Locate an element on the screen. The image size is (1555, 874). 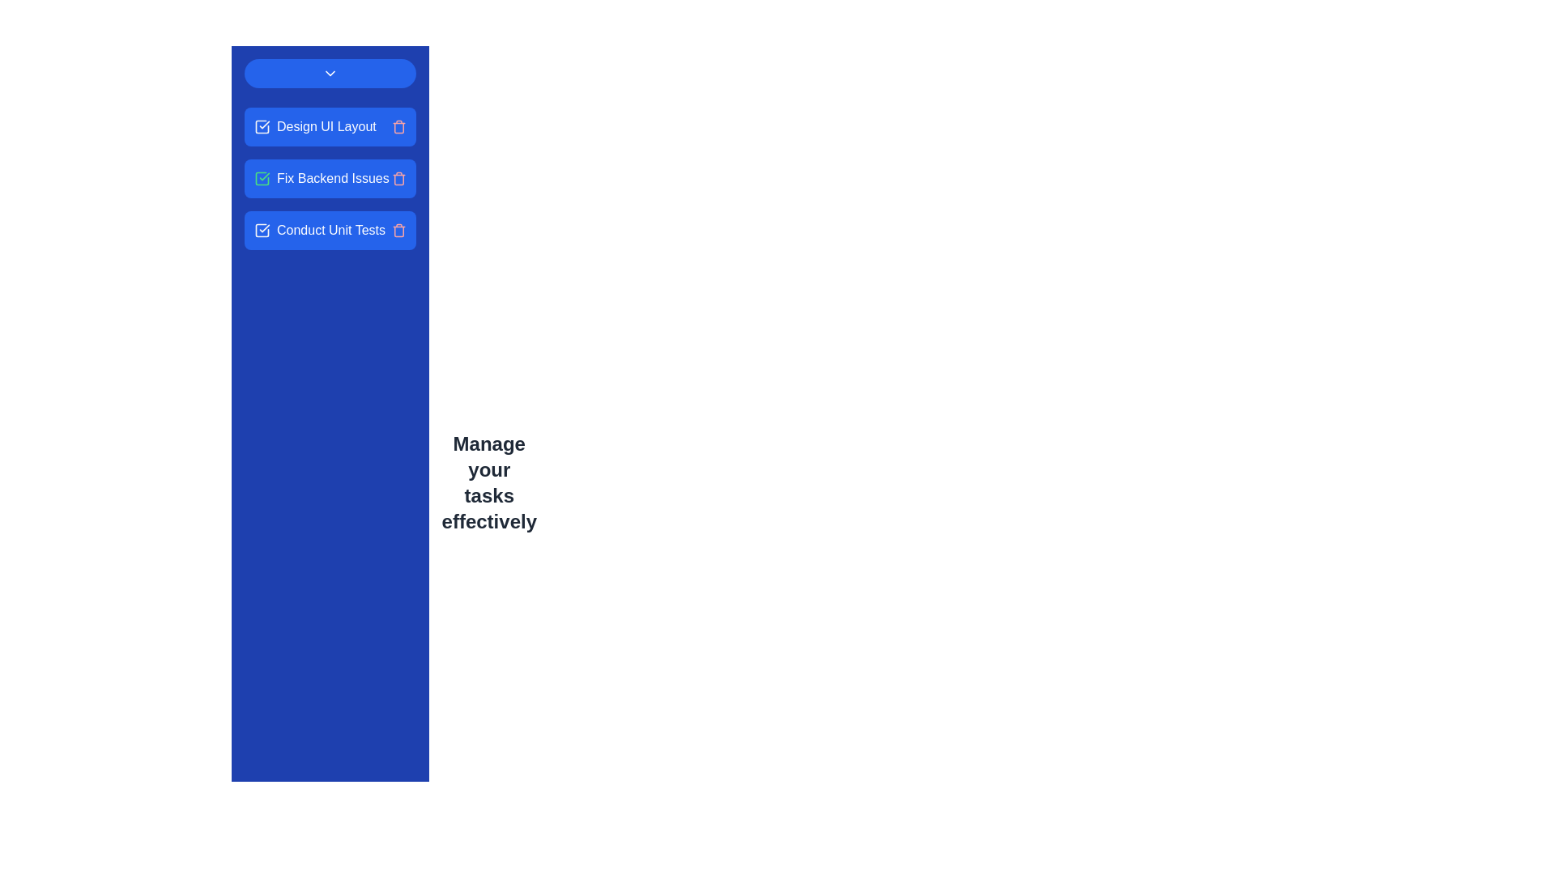
text from the Label indicating 'Conduct Unit Tests', located as the third item in a vertical task list is located at coordinates (319, 231).